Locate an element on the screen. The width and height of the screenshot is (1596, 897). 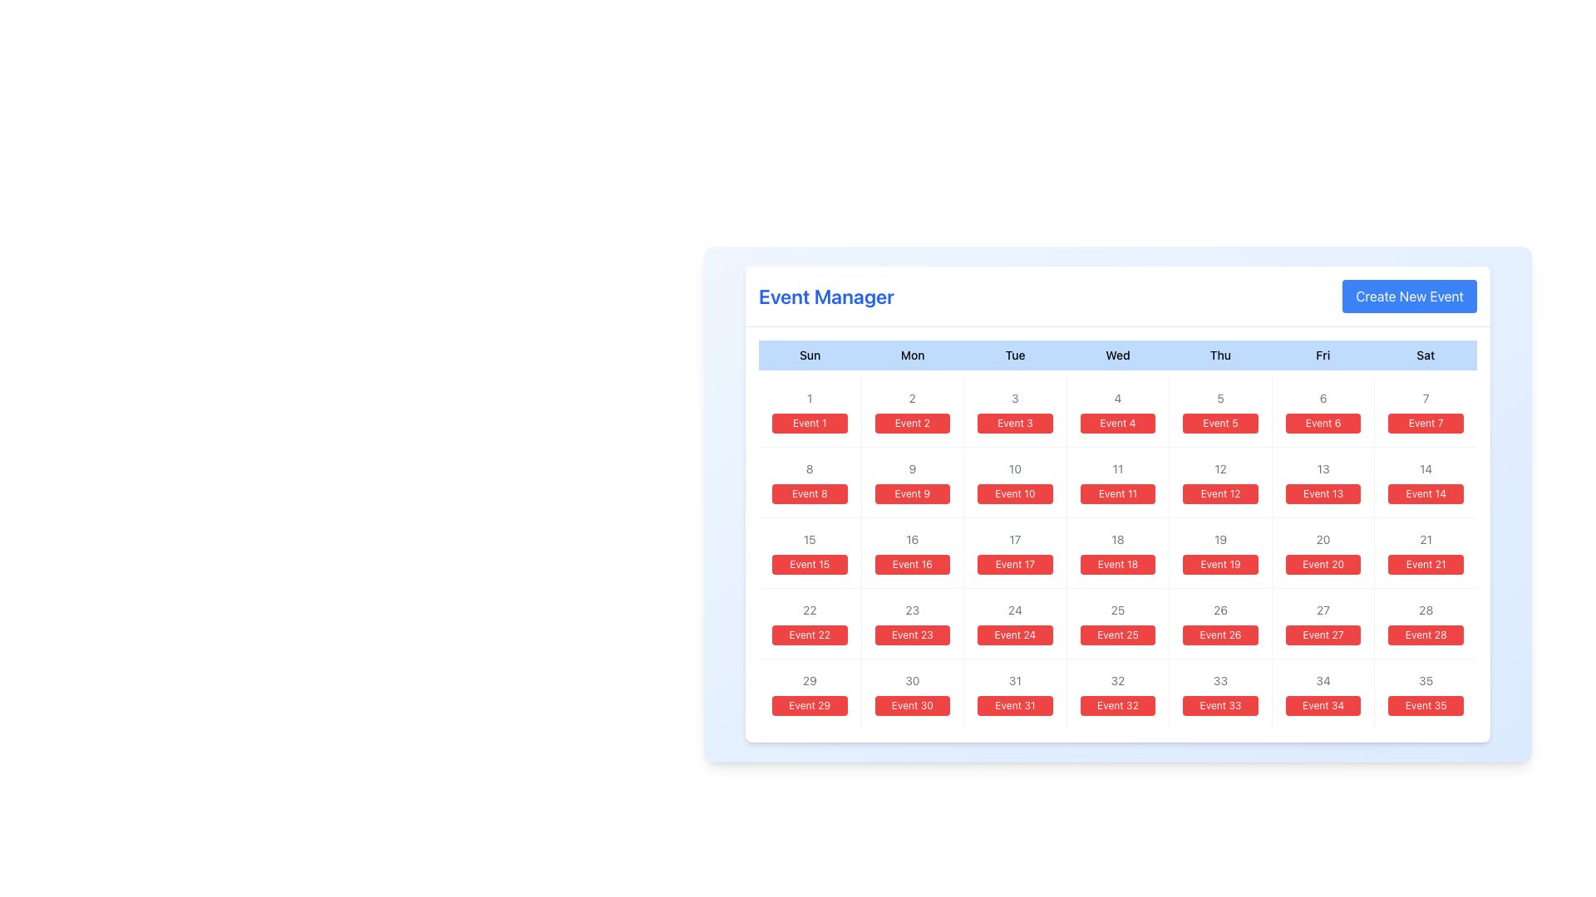
the static text label representing 'Wednesday', the fourth day of the week, in the calendar header row is located at coordinates (1117, 355).